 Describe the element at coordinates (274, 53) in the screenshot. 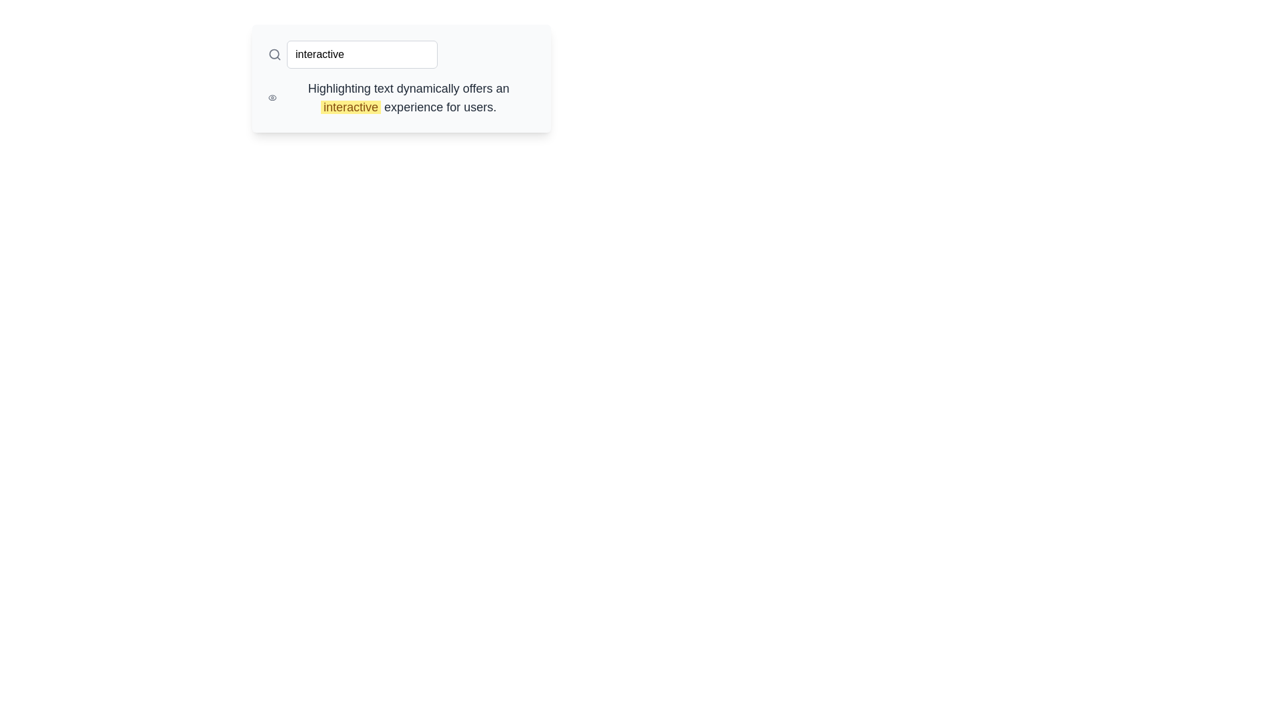

I see `the search icon located at the leftmost edge of the horizontal layout` at that location.